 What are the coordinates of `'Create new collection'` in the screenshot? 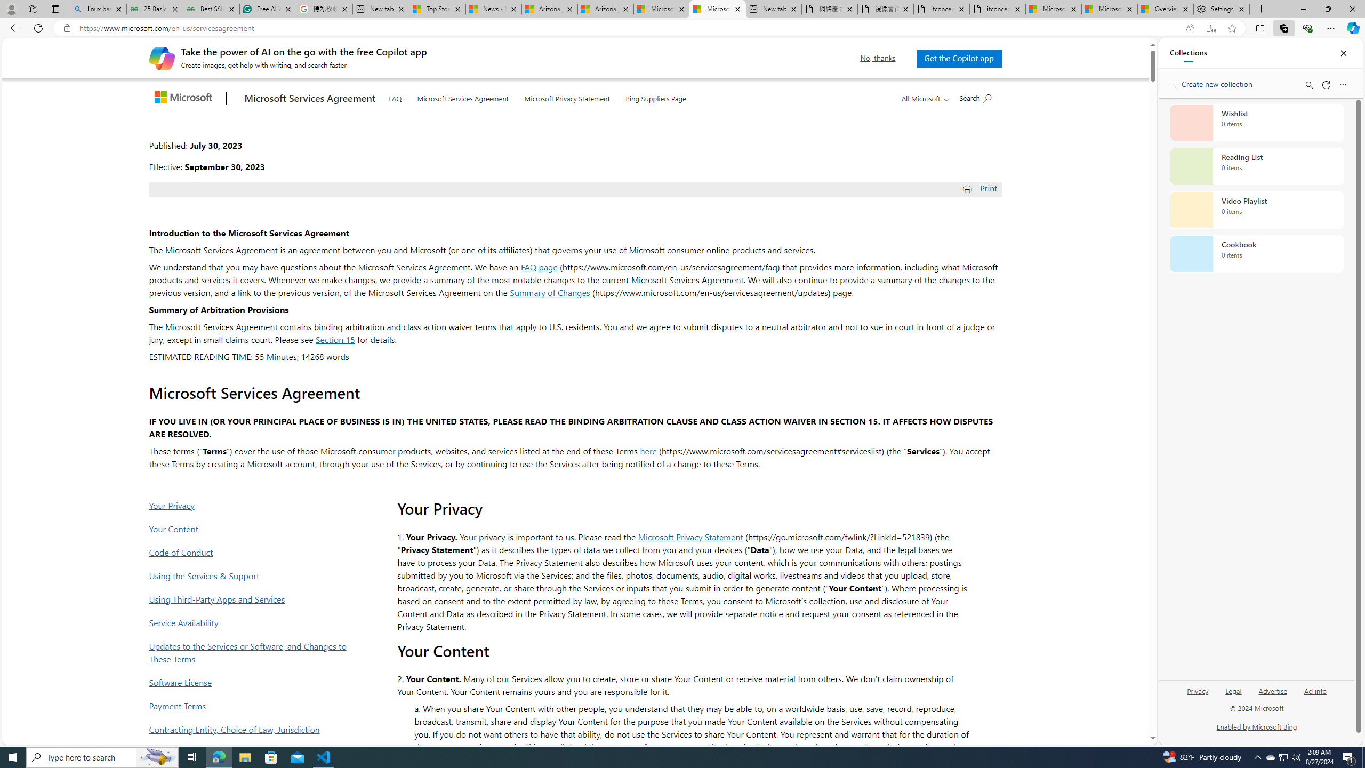 It's located at (1213, 82).